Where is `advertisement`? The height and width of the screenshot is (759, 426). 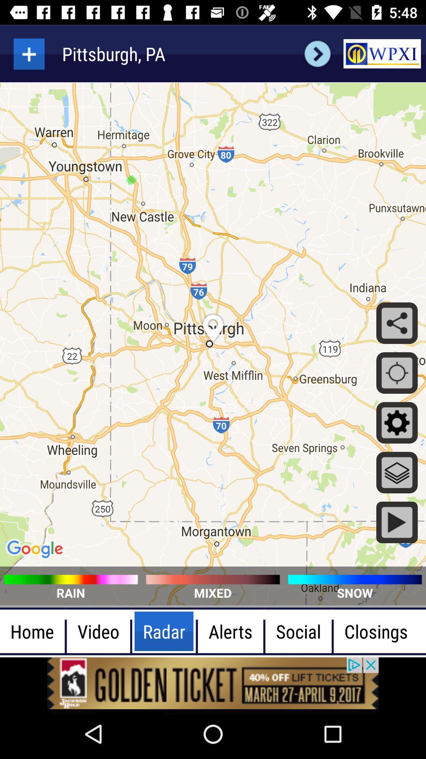
advertisement is located at coordinates (213, 683).